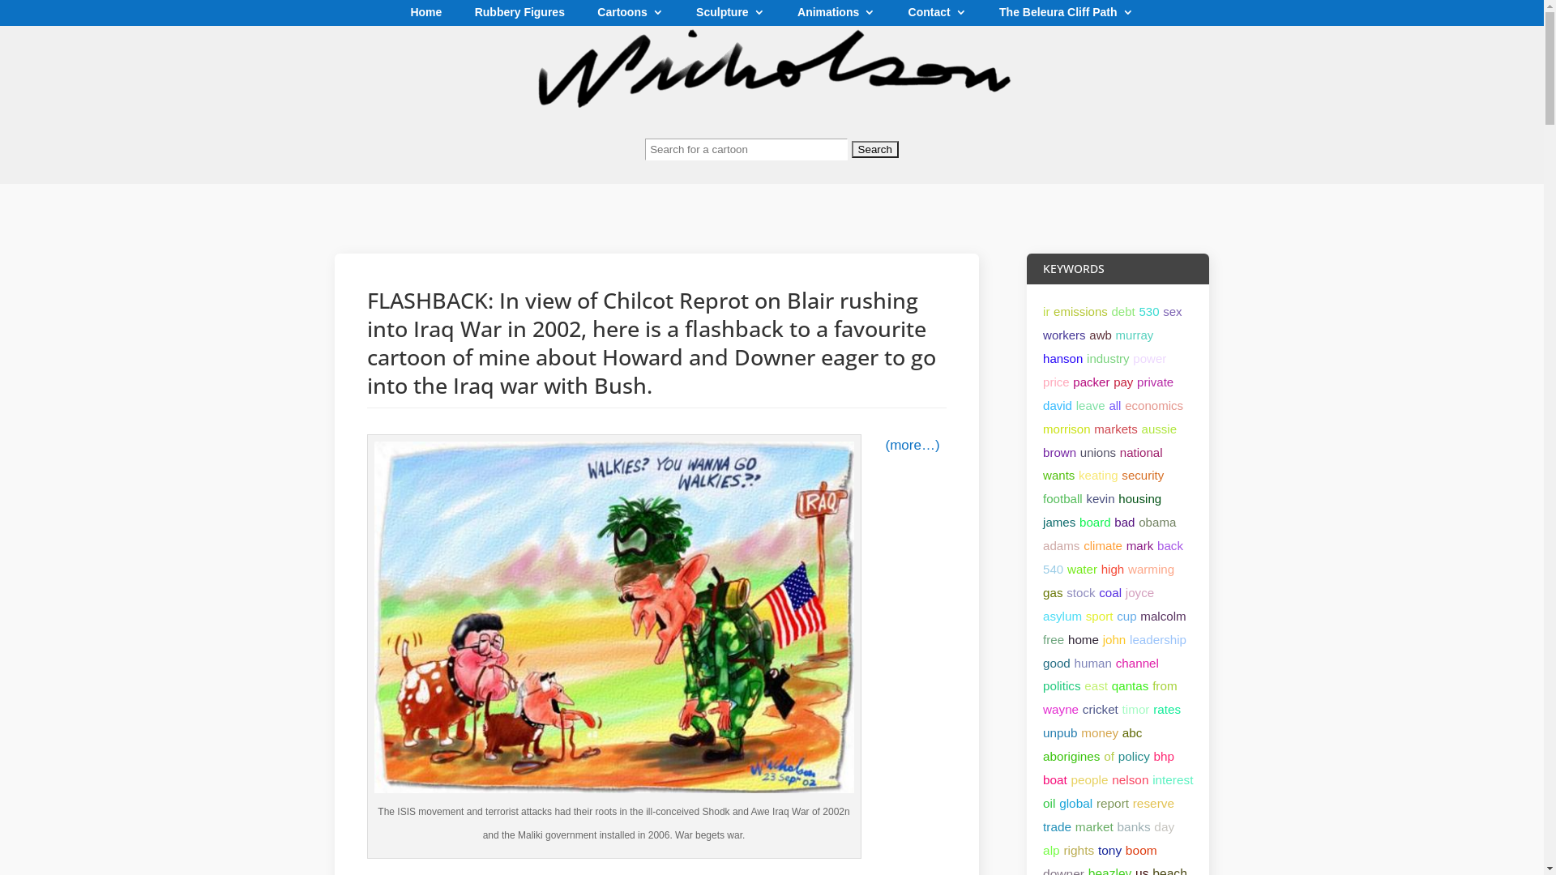 The width and height of the screenshot is (1556, 875). What do you see at coordinates (1080, 592) in the screenshot?
I see `'stock'` at bounding box center [1080, 592].